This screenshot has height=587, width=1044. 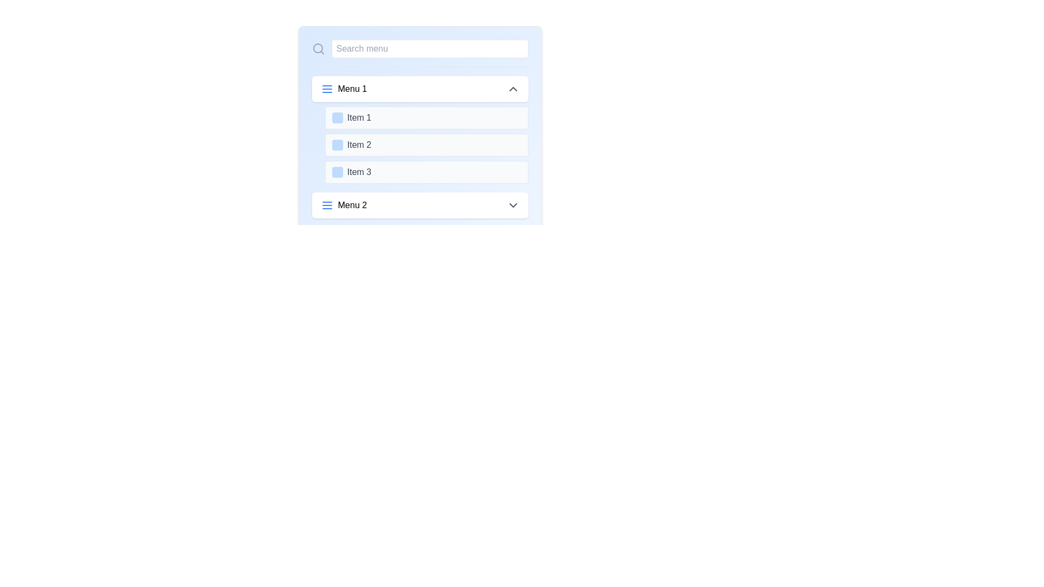 I want to click on the 'Menu 2' item in the dropdown menu, so click(x=343, y=205).